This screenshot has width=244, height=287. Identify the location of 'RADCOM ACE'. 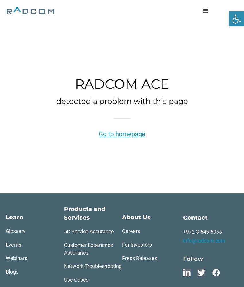
(122, 84).